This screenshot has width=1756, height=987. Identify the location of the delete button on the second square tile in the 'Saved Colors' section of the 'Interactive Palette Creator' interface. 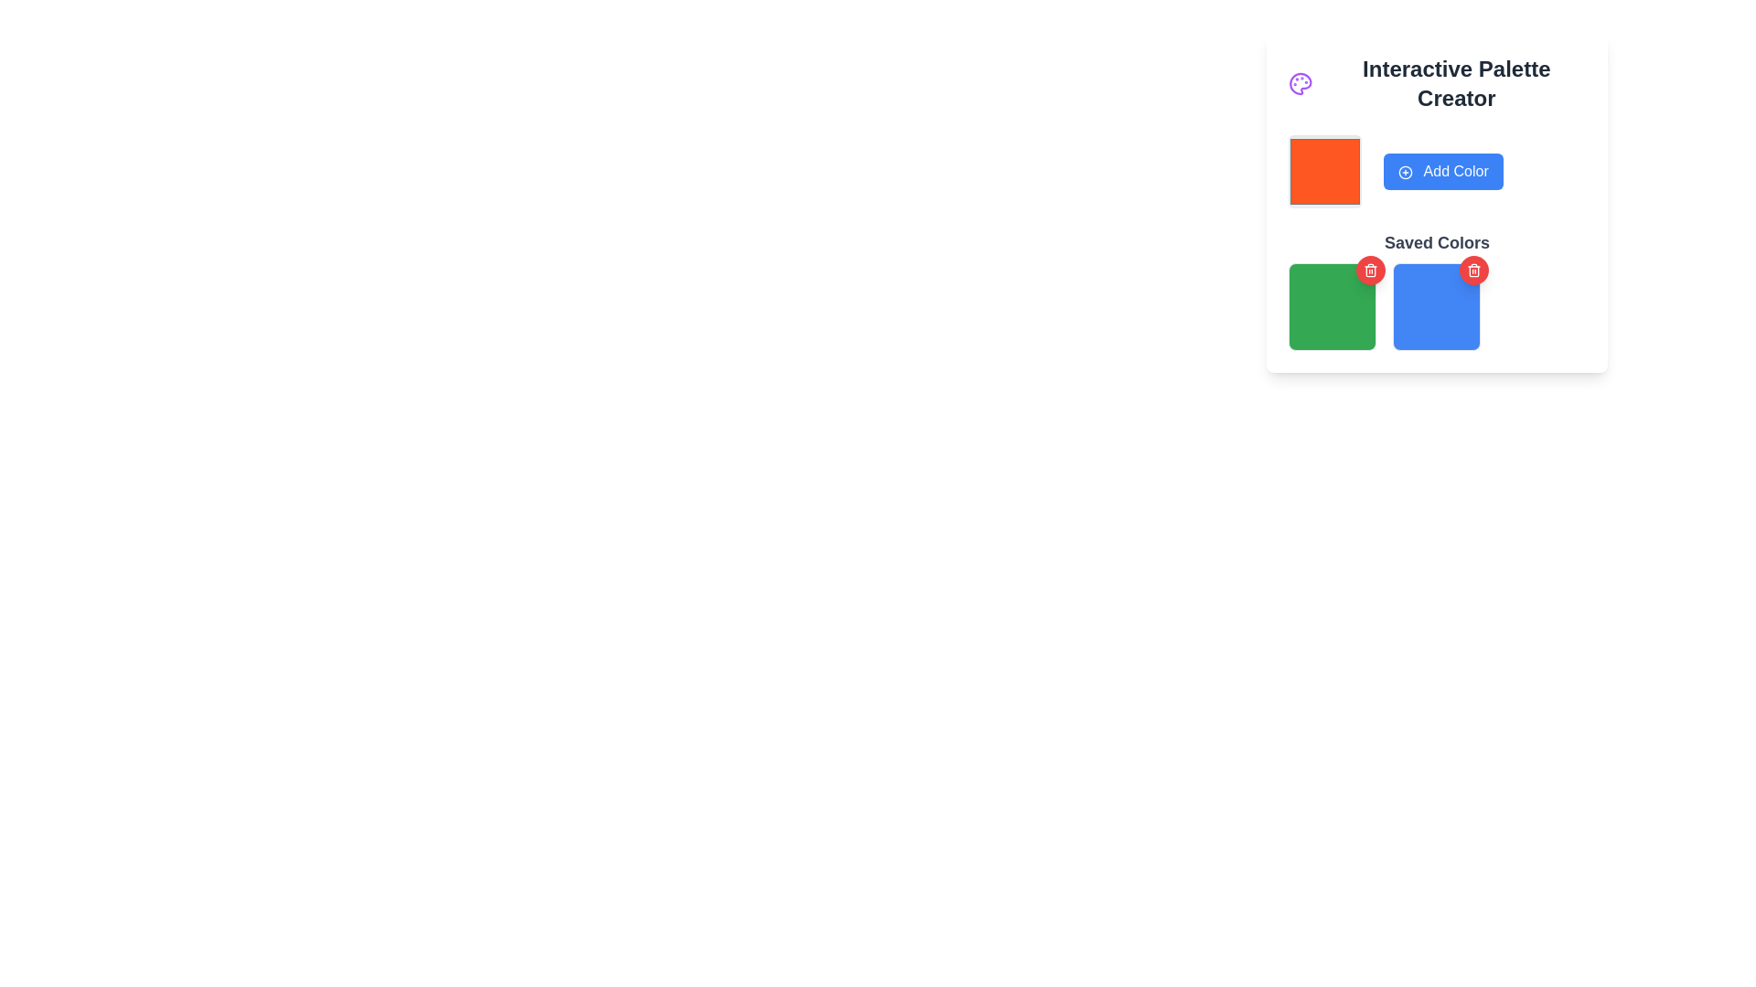
(1436, 305).